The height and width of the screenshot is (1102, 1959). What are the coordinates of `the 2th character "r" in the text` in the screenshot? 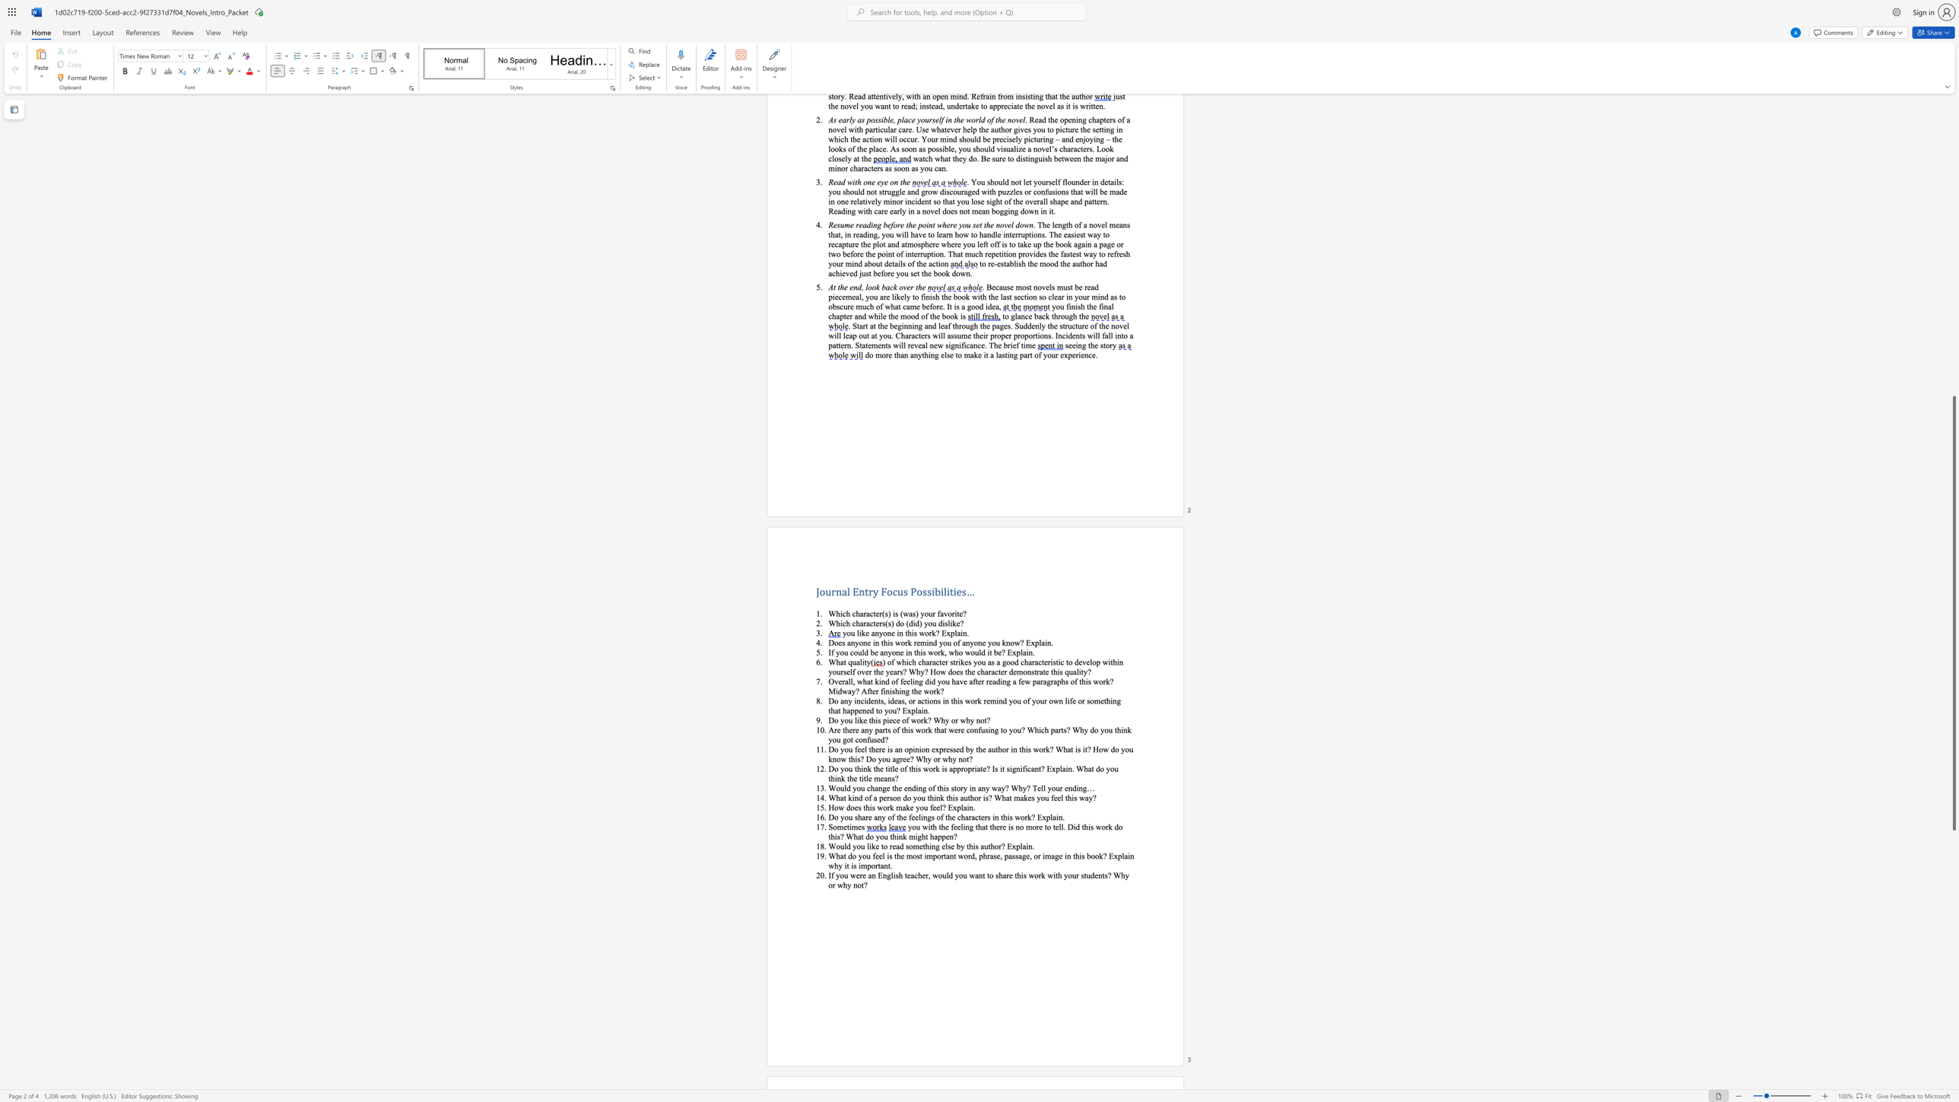 It's located at (880, 622).